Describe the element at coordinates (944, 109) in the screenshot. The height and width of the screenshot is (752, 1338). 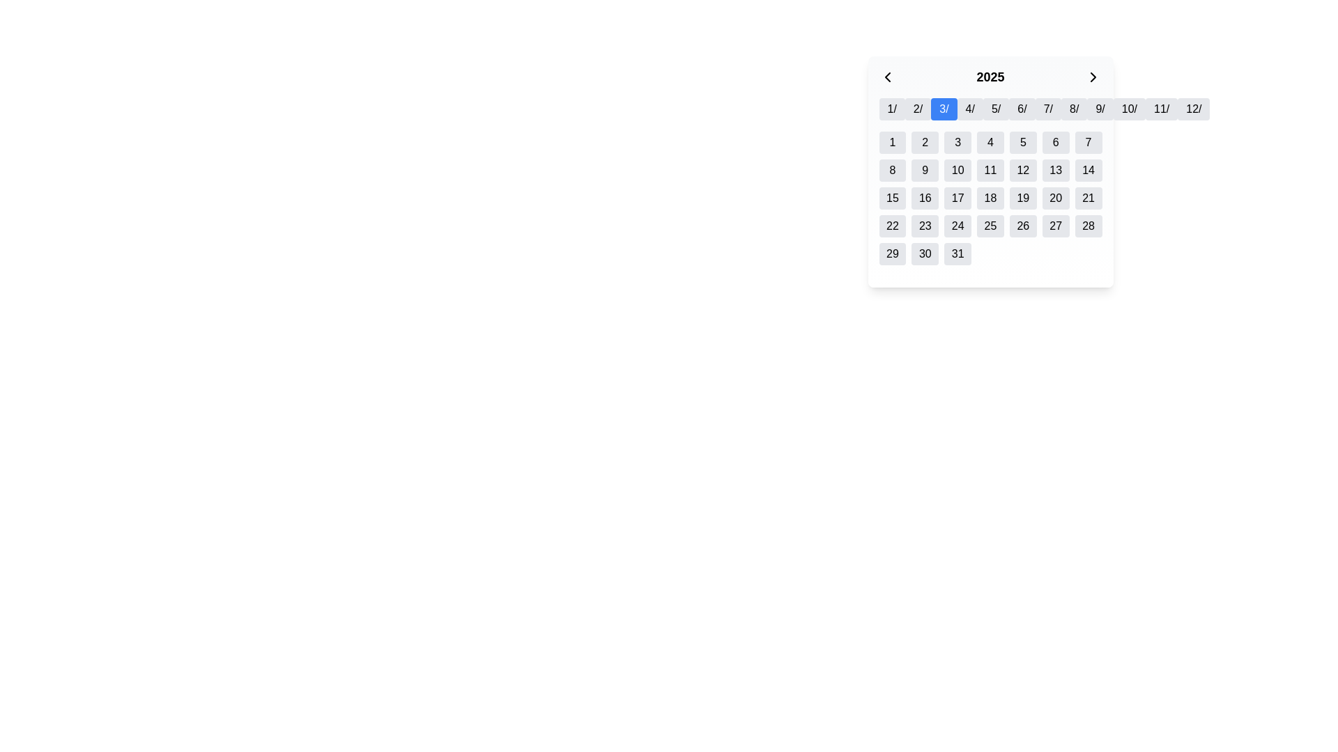
I see `the button representing the month of March, which is the third button in a horizontal list of buttons above the calendar grid` at that location.